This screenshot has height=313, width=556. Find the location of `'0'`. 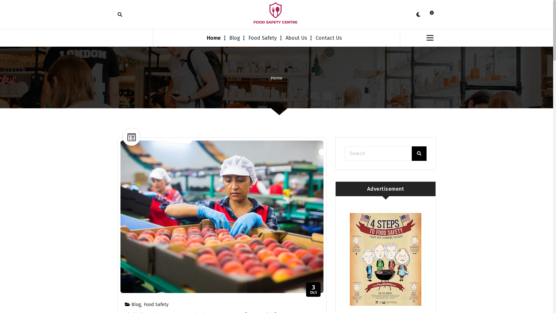

'0' is located at coordinates (430, 14).